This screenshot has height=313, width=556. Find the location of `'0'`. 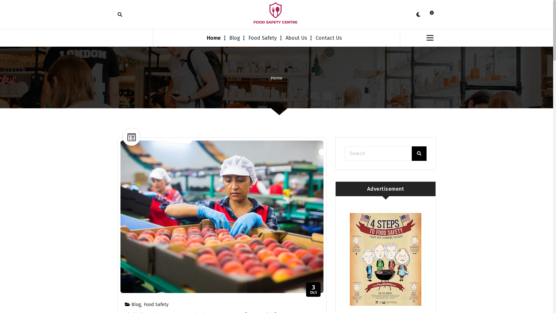

'0' is located at coordinates (430, 14).